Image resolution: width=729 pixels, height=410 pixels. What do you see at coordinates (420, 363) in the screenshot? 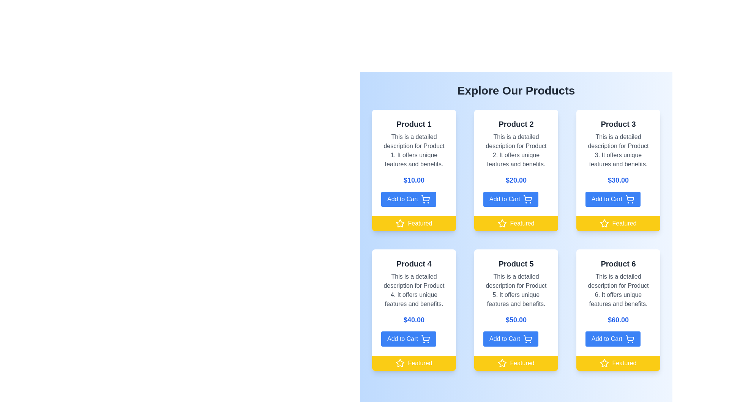
I see `the 'Featured' text label displayed in white font on a vivid yellow rectangular background at the bottom section of the Product 4 card` at bounding box center [420, 363].